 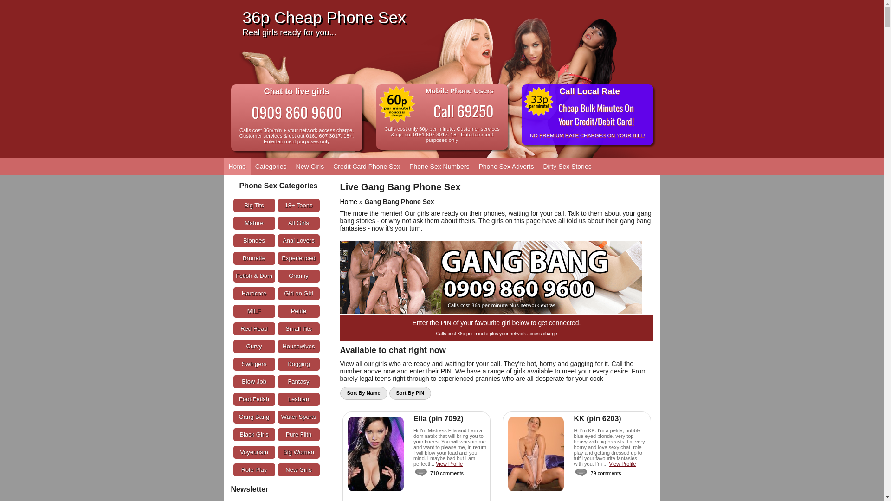 I want to click on 'Black Girls', so click(x=254, y=435).